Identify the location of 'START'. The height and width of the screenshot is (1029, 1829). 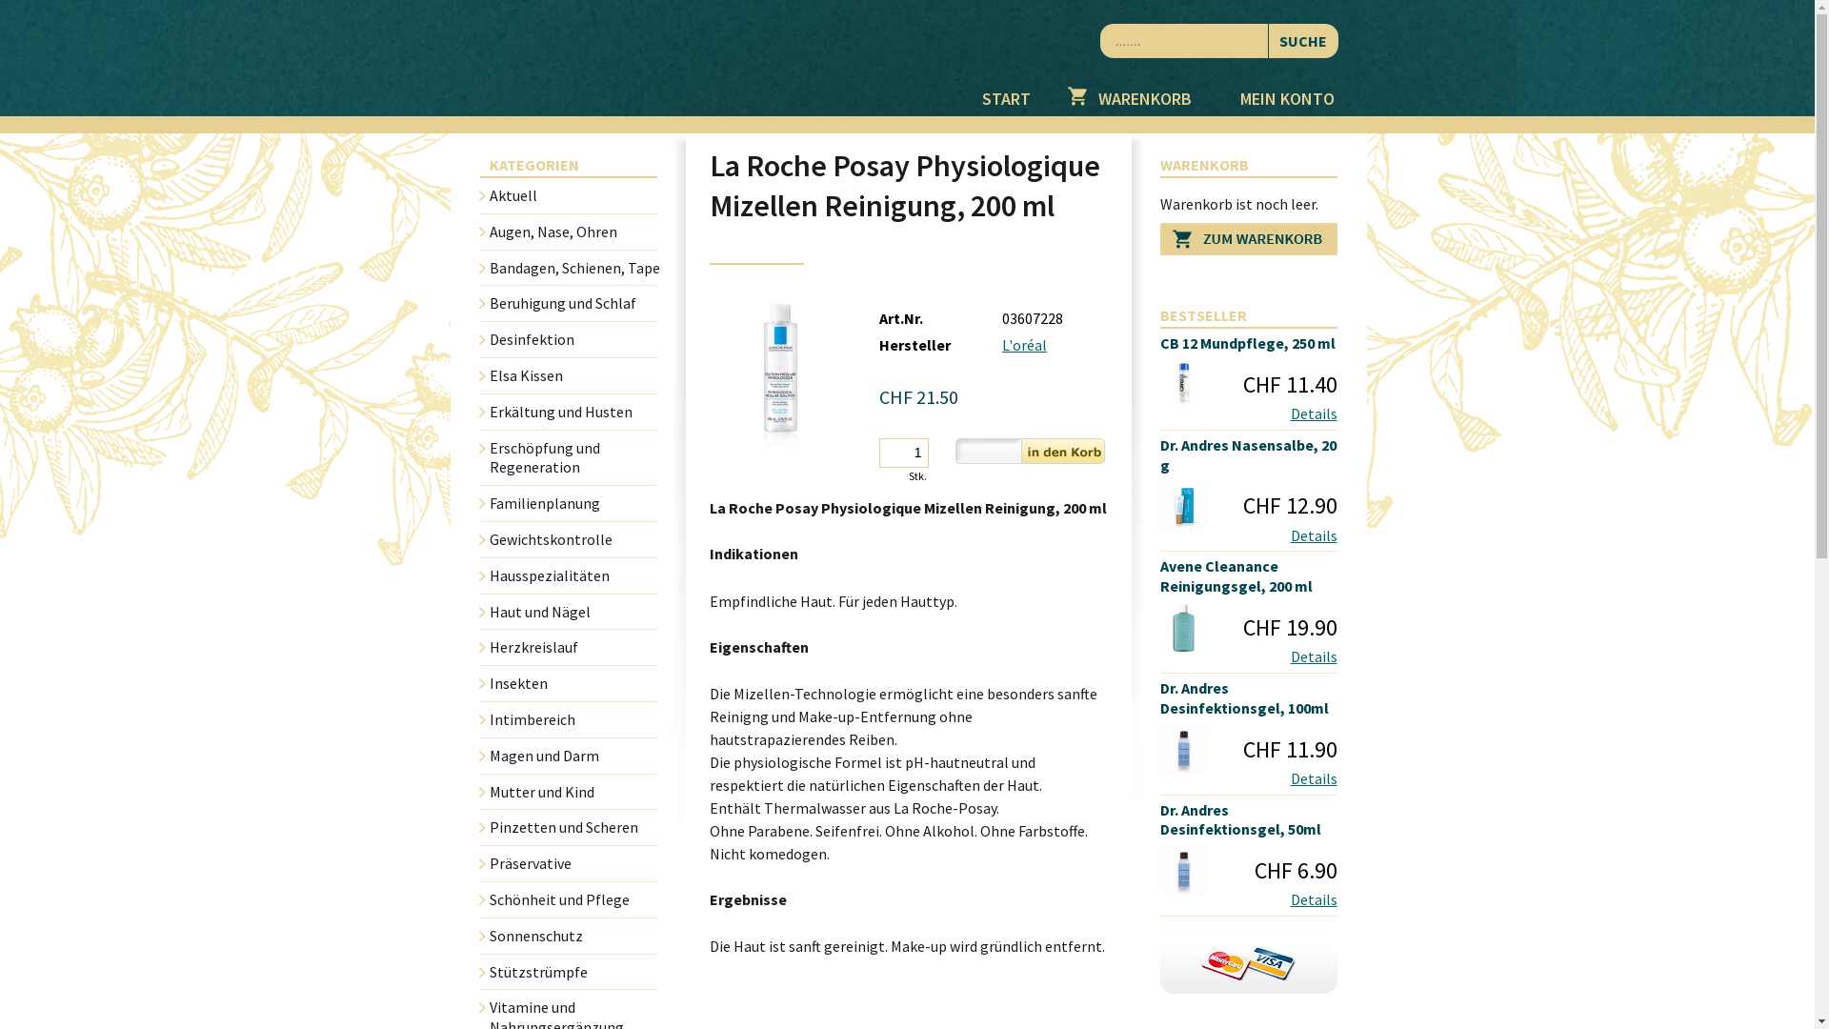
(1004, 94).